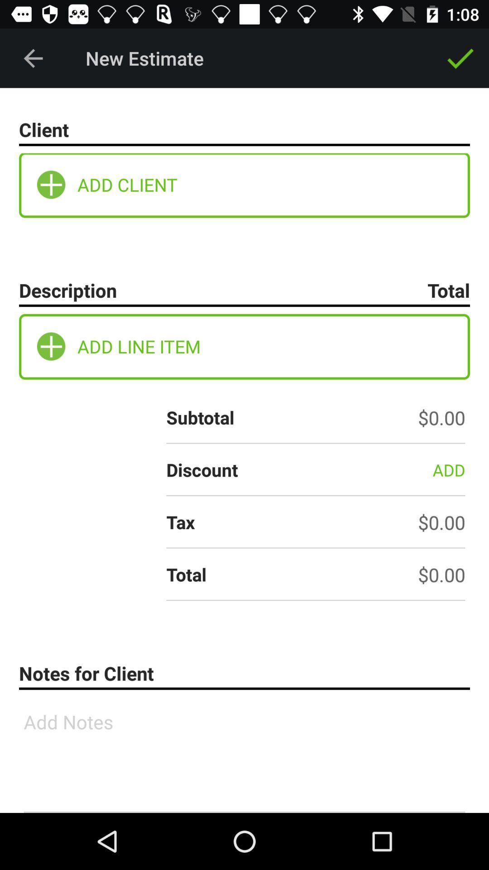  I want to click on item at the top right corner, so click(460, 58).